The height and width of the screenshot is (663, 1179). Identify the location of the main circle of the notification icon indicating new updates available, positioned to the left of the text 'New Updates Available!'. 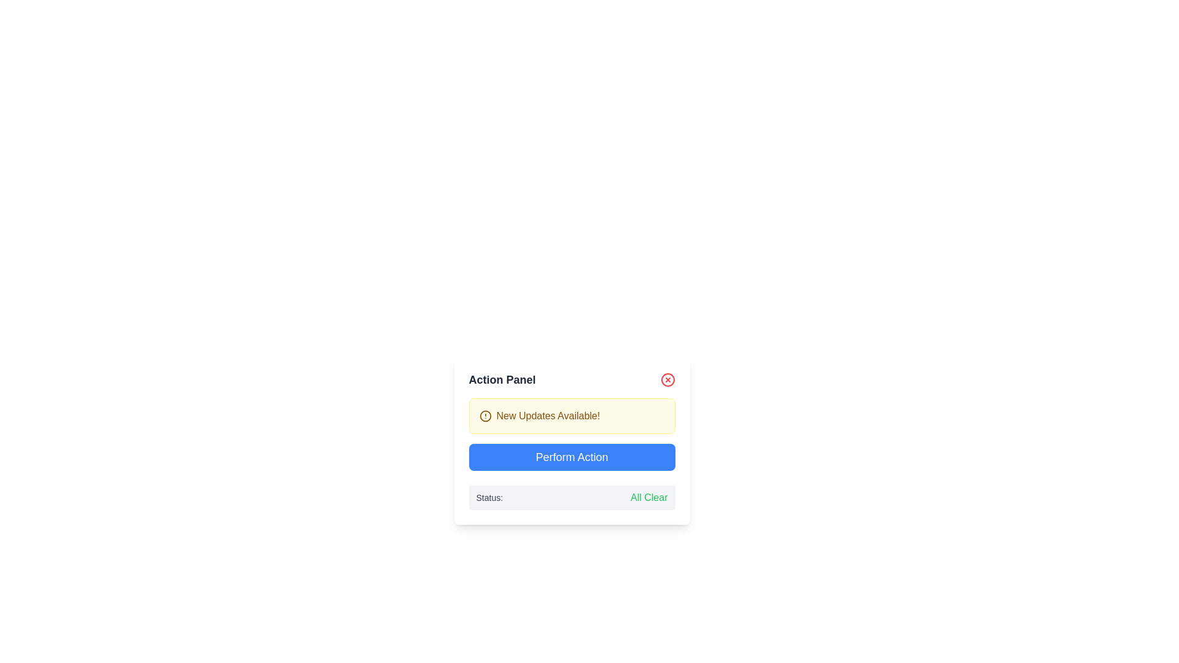
(484, 416).